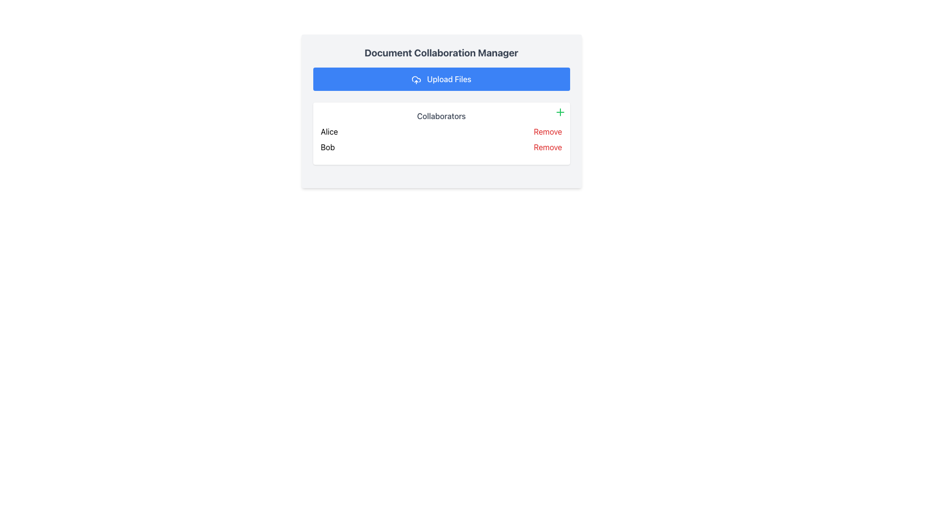 Image resolution: width=934 pixels, height=525 pixels. What do you see at coordinates (441, 78) in the screenshot?
I see `the 'Upload Files' button with a blue background and white text, which includes a cloud icon` at bounding box center [441, 78].